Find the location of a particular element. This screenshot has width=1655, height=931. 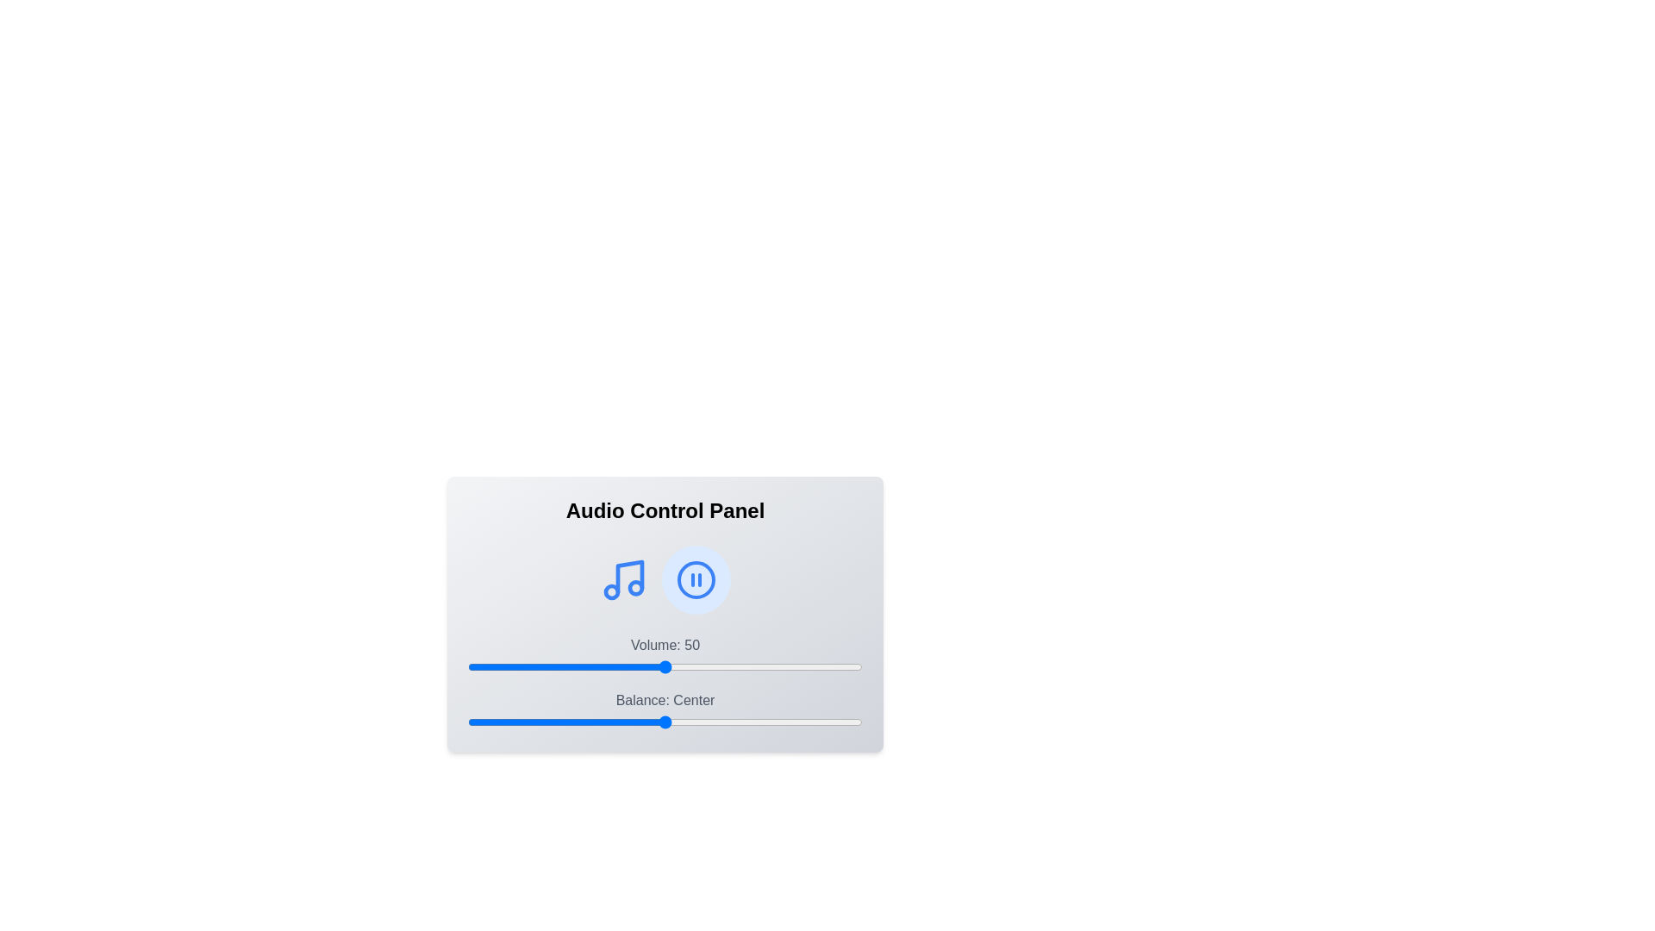

the slider value is located at coordinates (526, 666).